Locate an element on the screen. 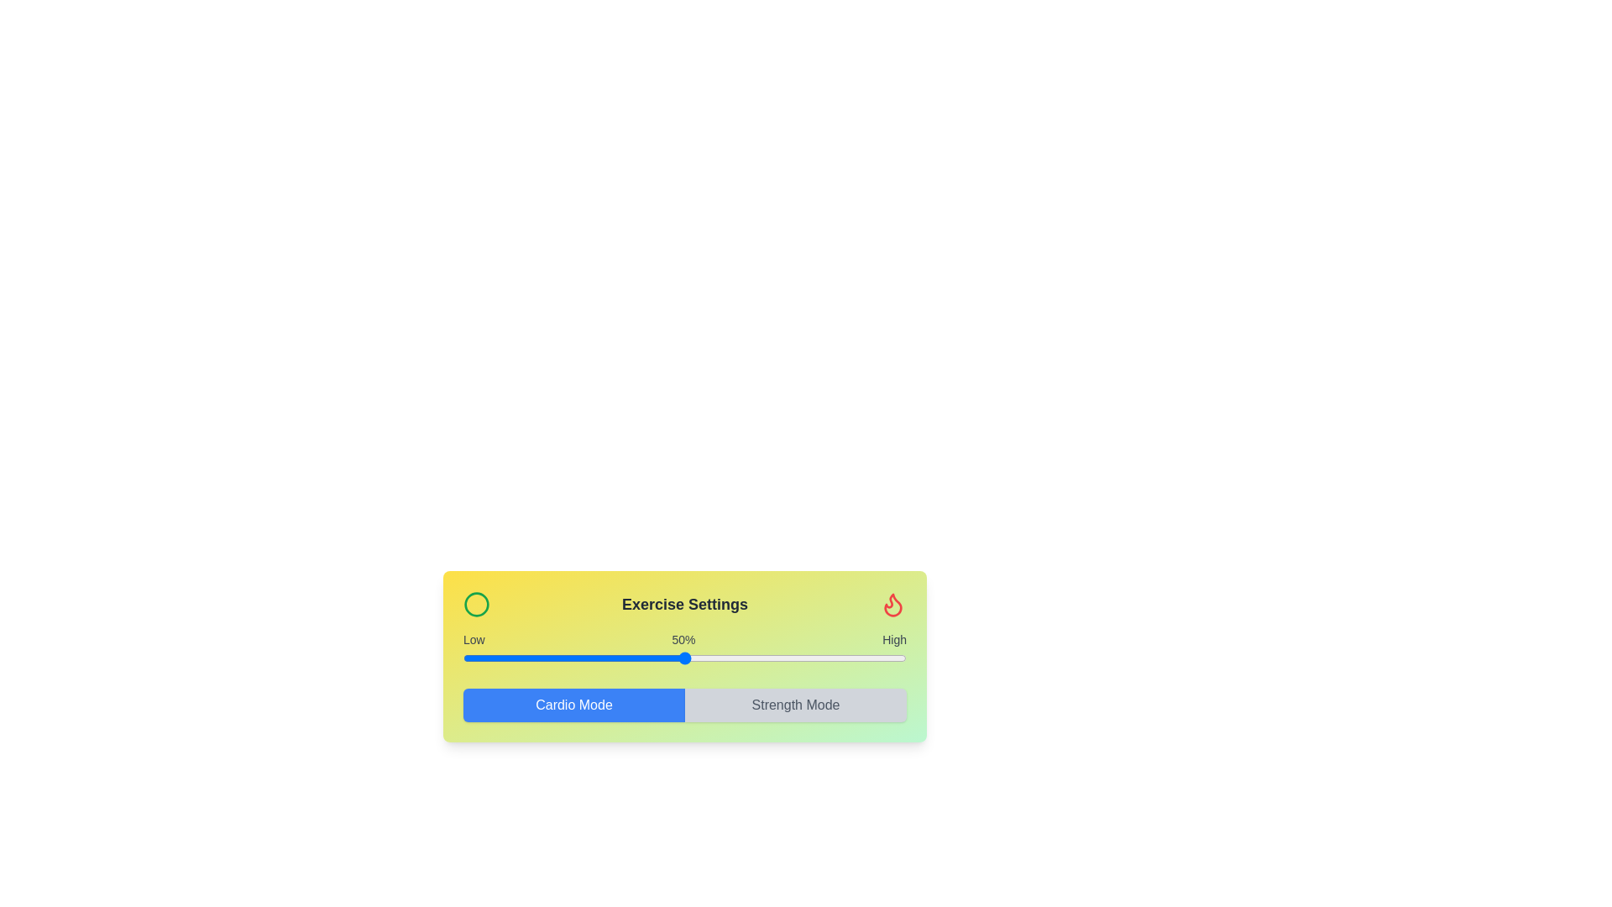 This screenshot has width=1612, height=907. the Cardio Mode button to switch to Cardio Mode is located at coordinates (574, 705).